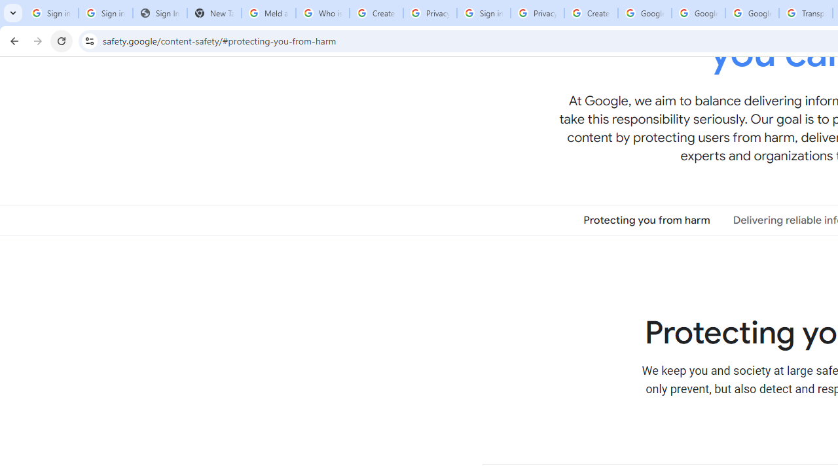 This screenshot has height=471, width=838. I want to click on 'New Tab', so click(214, 13).